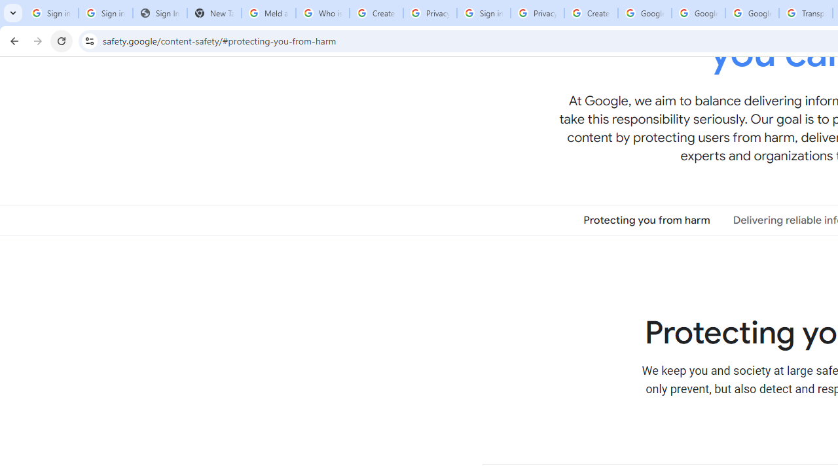 This screenshot has height=471, width=838. I want to click on 'New Tab', so click(214, 13).